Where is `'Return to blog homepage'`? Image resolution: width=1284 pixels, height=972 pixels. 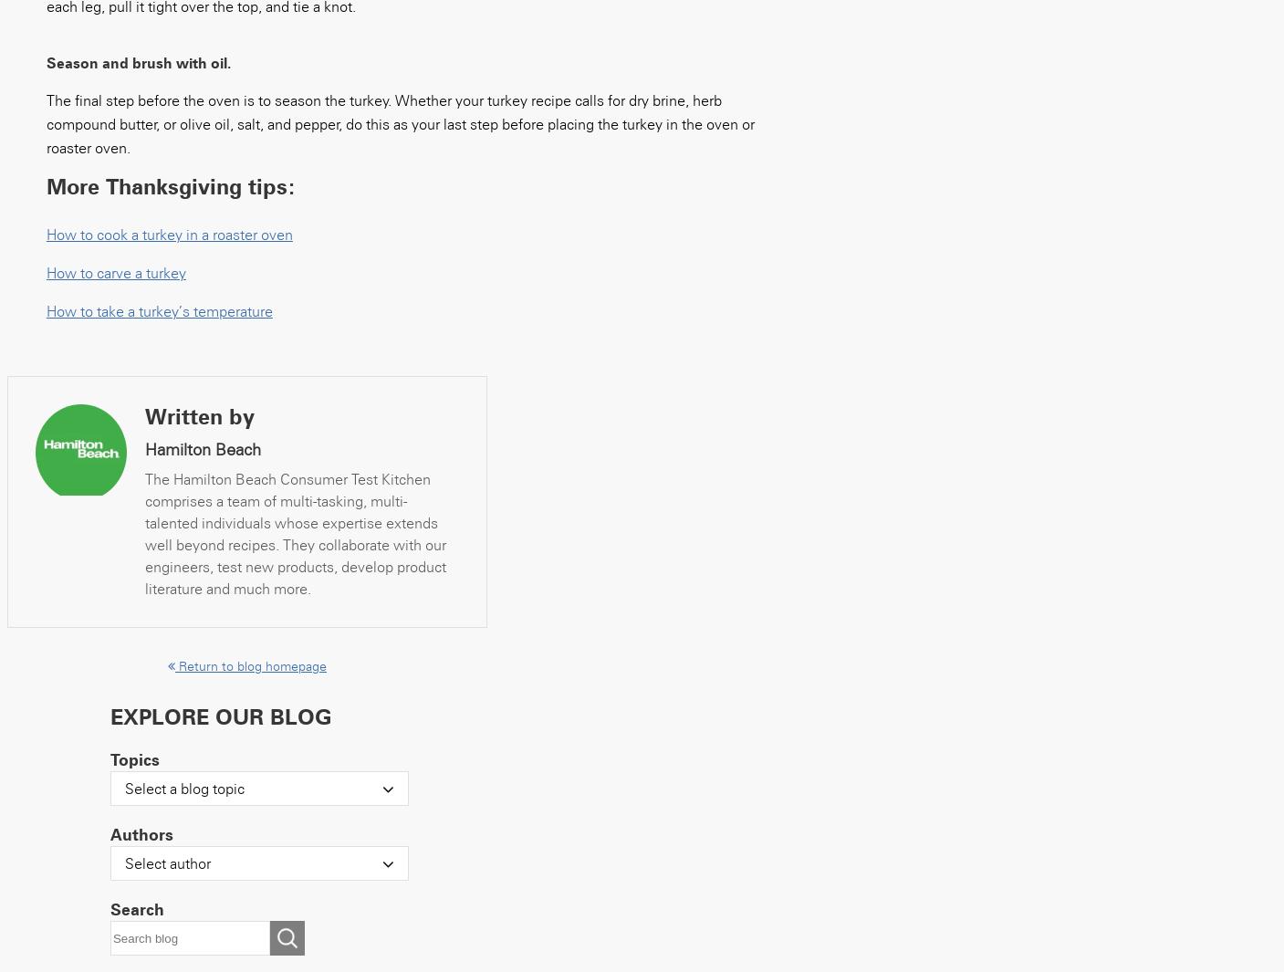
'Return to blog homepage' is located at coordinates (248, 665).